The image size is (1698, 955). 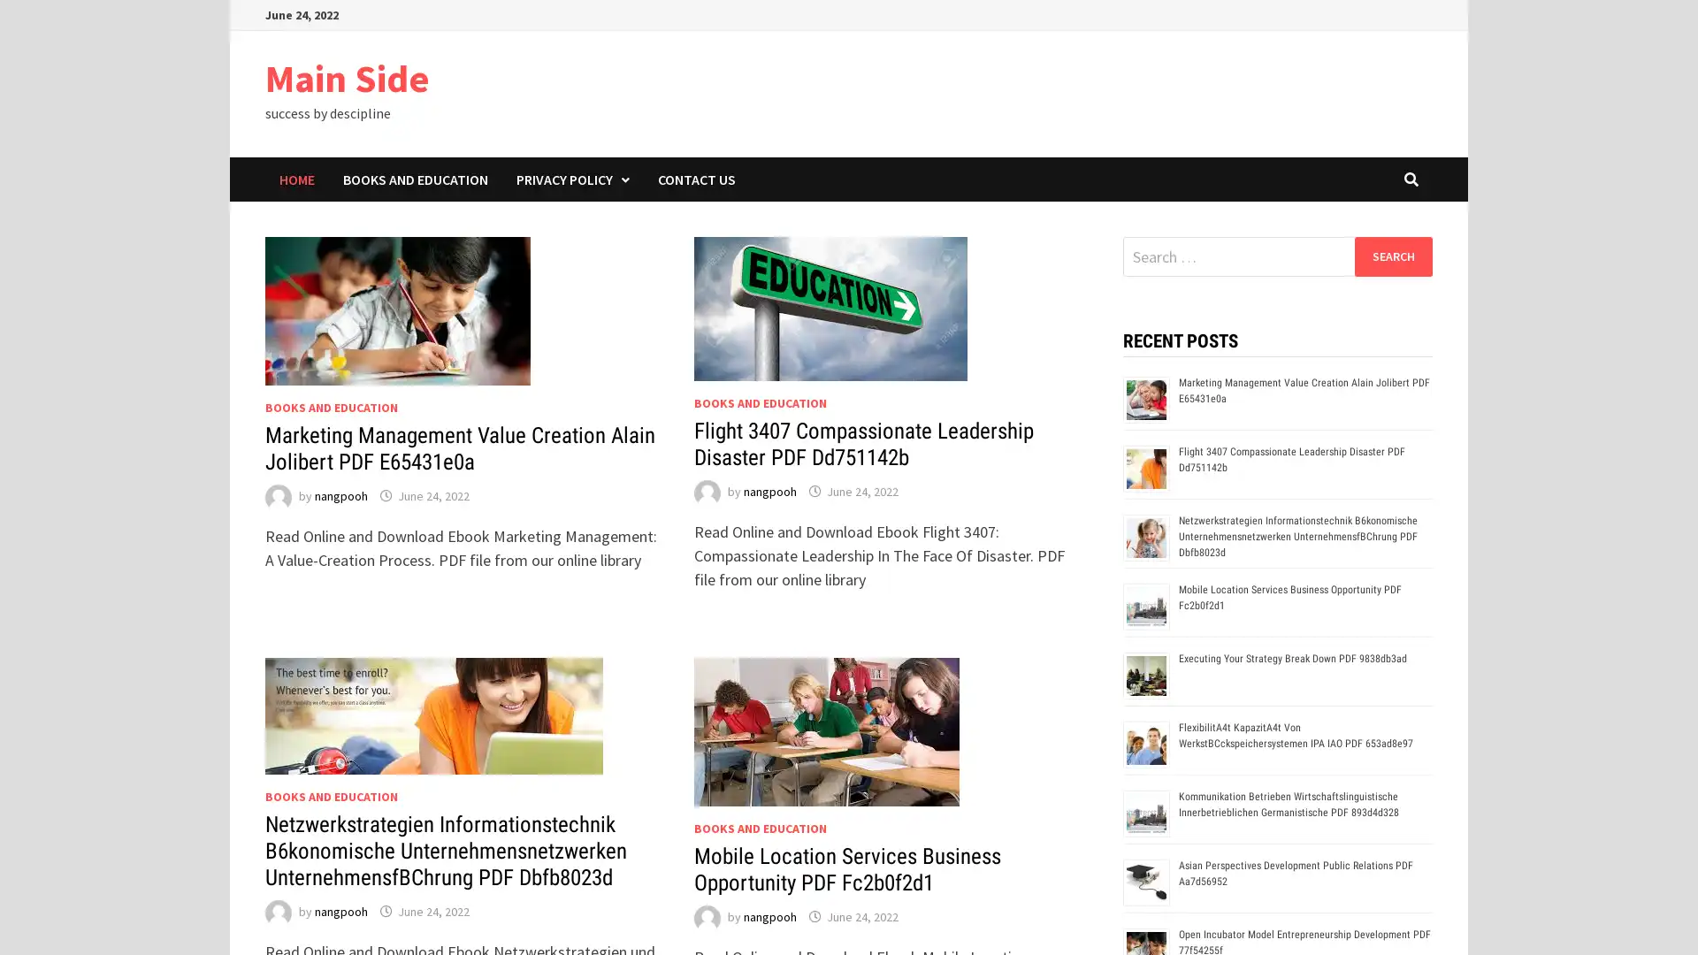 What do you see at coordinates (1392, 256) in the screenshot?
I see `Search` at bounding box center [1392, 256].